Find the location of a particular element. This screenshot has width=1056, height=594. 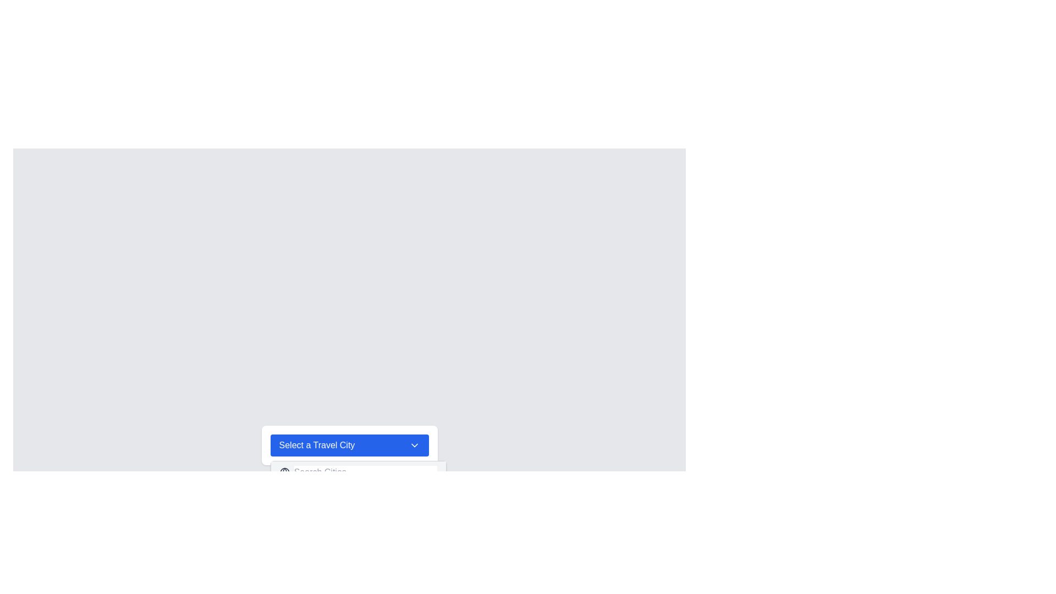

the world or map-related icon located to the left of the 'Search Cities' text box on the gray background bar is located at coordinates (284, 472).